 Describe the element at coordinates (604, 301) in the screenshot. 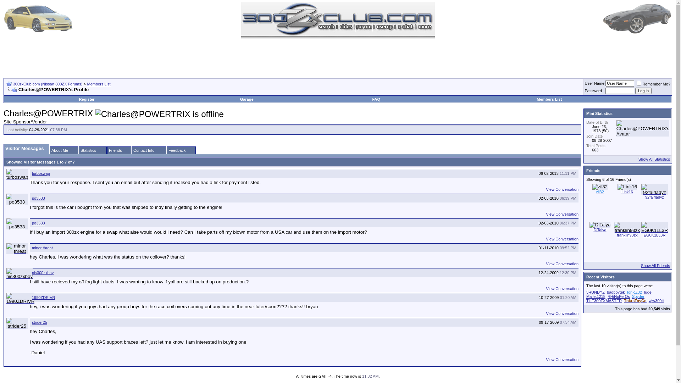

I see `'THE300ZXMASTER'` at that location.